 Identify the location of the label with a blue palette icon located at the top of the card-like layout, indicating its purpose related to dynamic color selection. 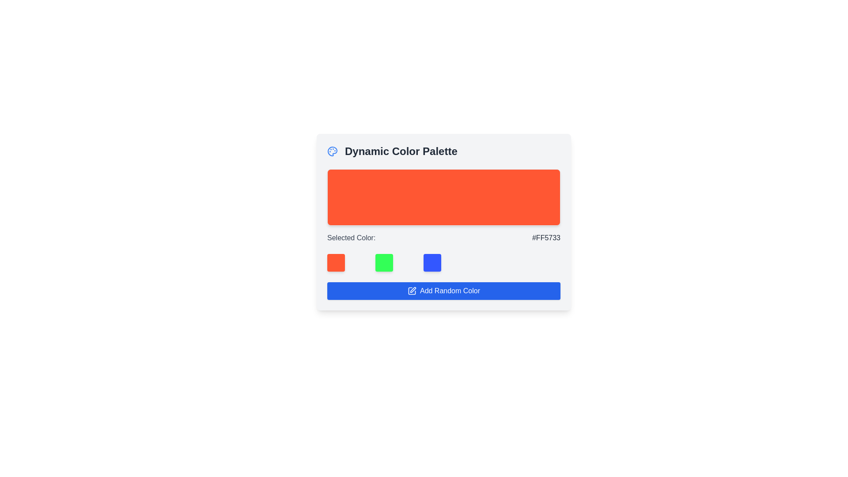
(443, 151).